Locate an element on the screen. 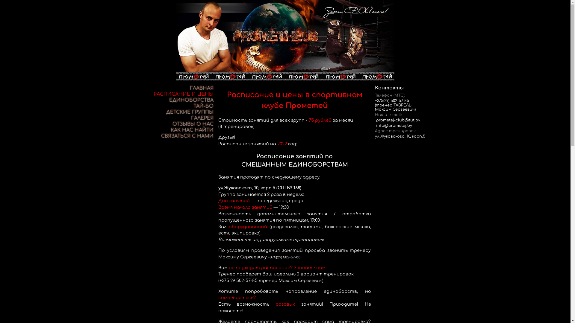  ' info@prometej.by ' is located at coordinates (375, 125).